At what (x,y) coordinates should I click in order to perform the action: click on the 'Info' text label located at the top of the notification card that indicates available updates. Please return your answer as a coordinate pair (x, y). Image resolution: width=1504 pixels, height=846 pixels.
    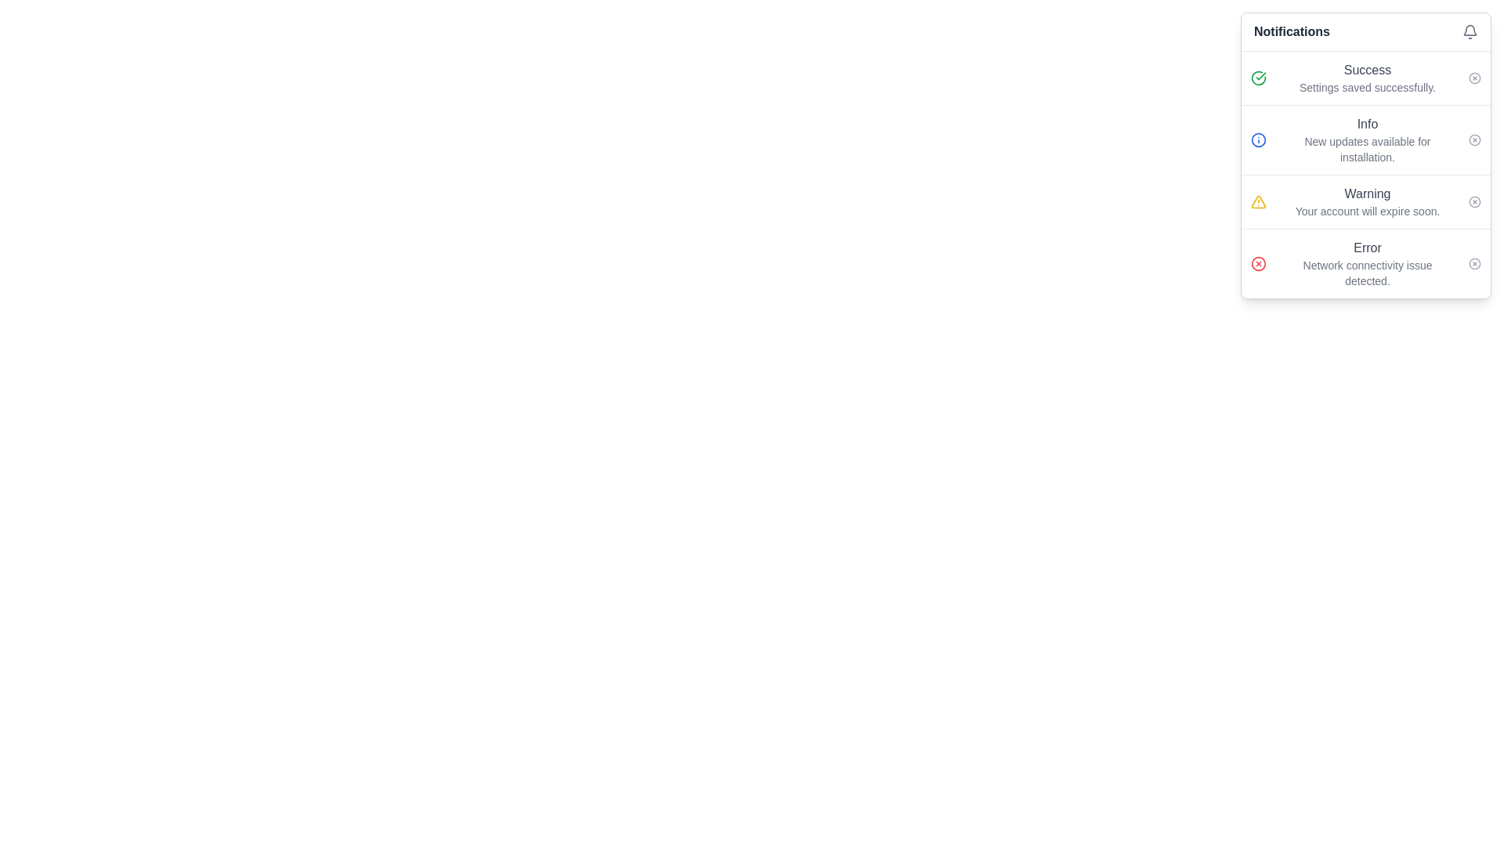
    Looking at the image, I should click on (1367, 123).